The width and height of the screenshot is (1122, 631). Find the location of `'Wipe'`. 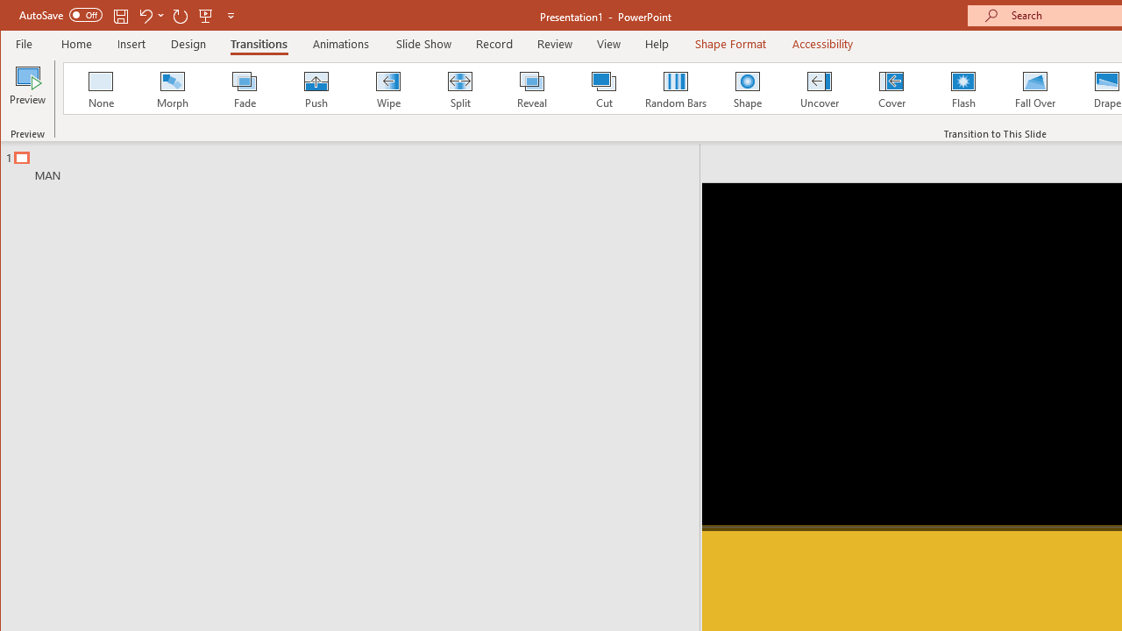

'Wipe' is located at coordinates (387, 88).